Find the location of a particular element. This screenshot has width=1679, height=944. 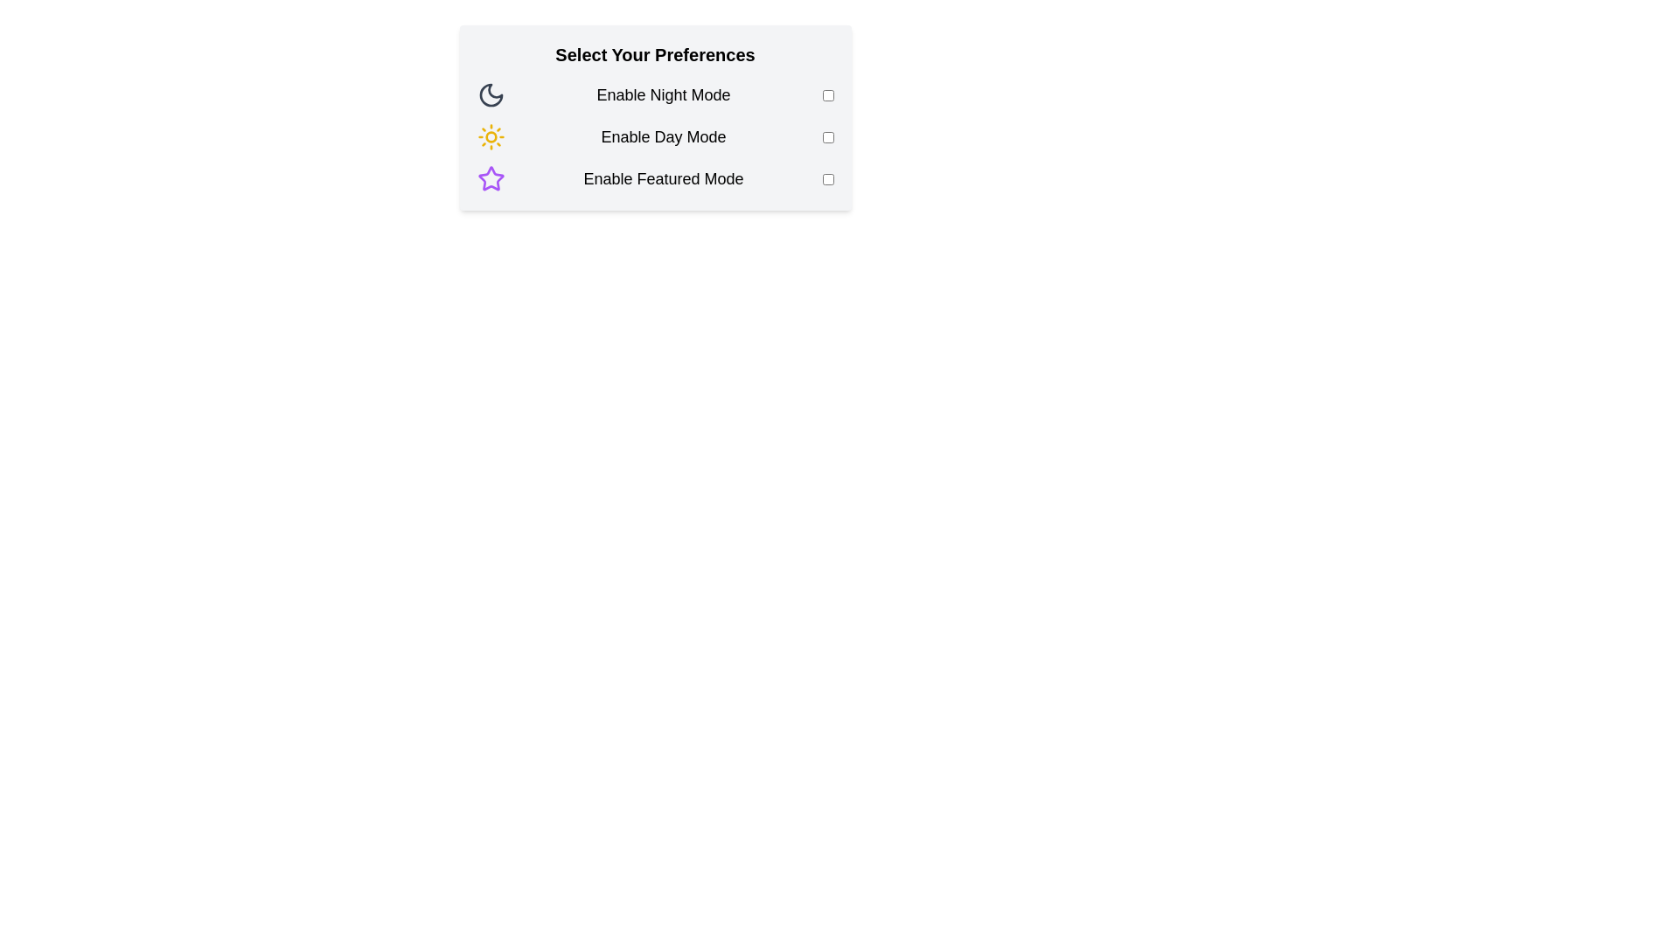

the checkbox toggle is located at coordinates (826, 94).